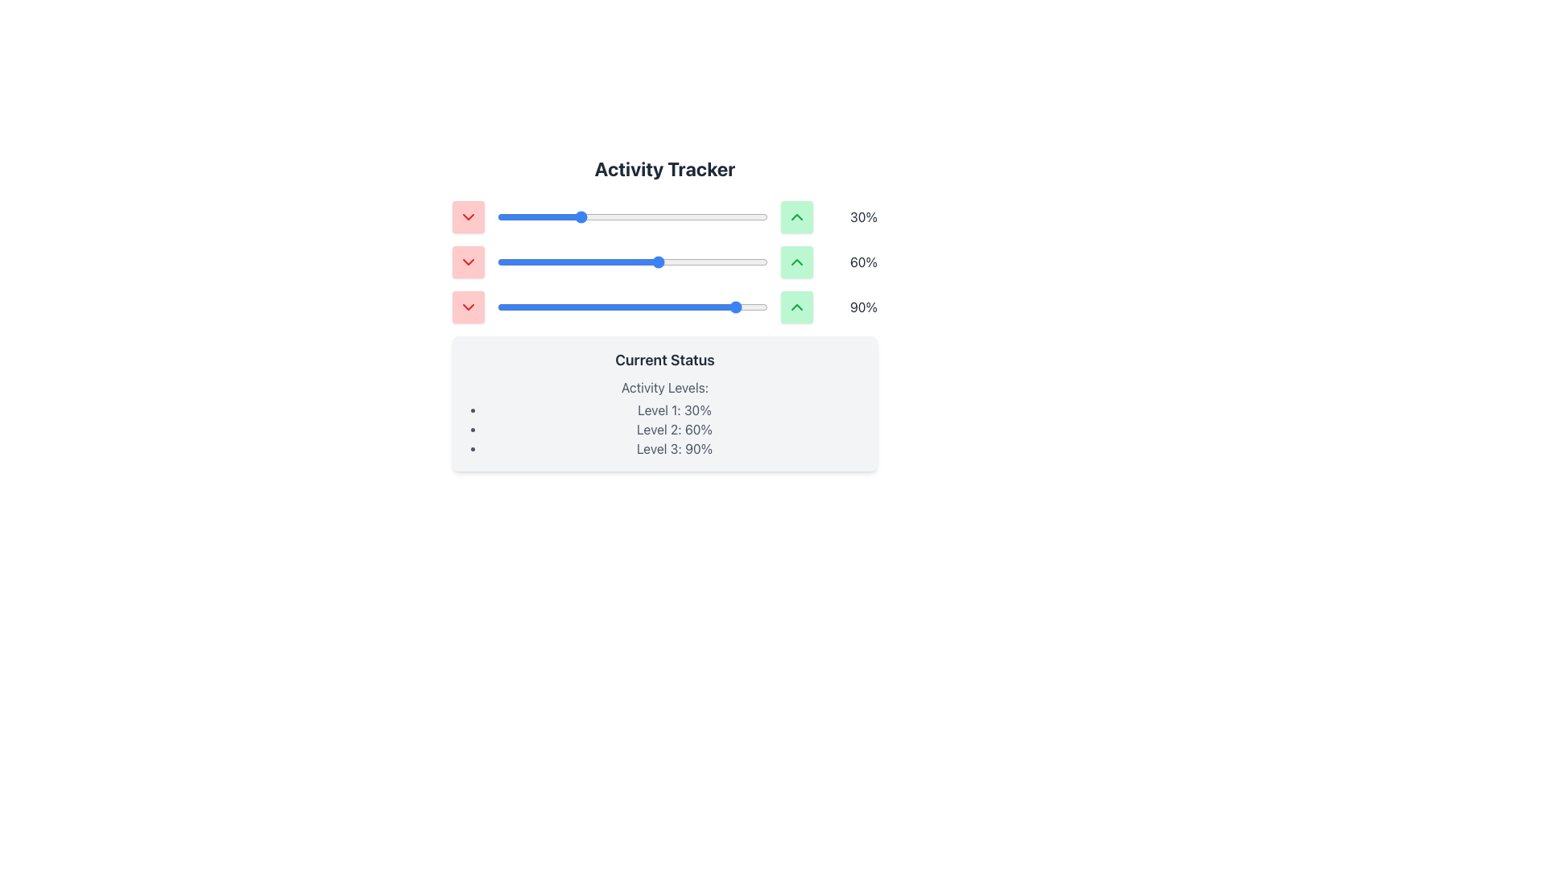  What do you see at coordinates (651, 262) in the screenshot?
I see `the slider value` at bounding box center [651, 262].